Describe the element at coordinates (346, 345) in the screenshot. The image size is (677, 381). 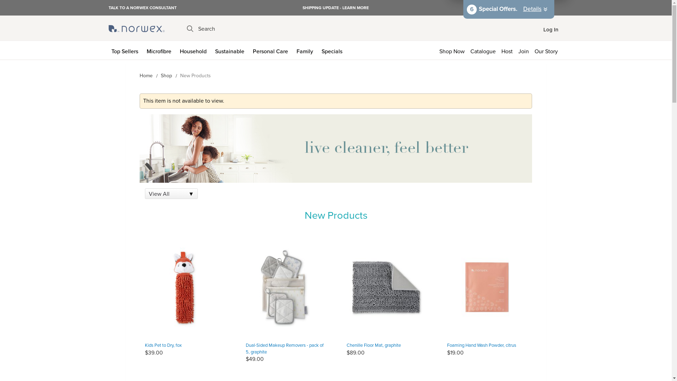
I see `'Chenille Floor Mat, graphite'` at that location.